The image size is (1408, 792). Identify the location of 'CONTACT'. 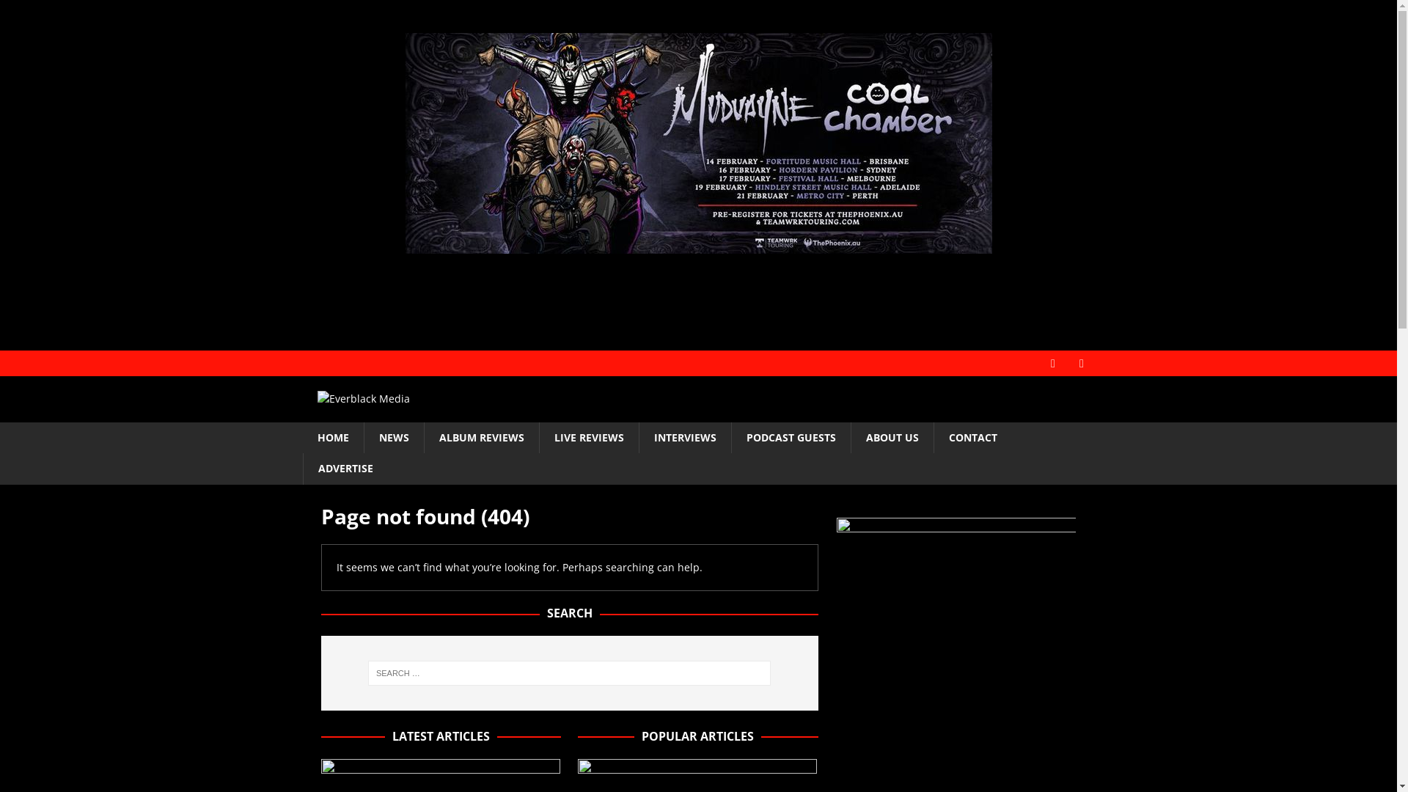
(972, 437).